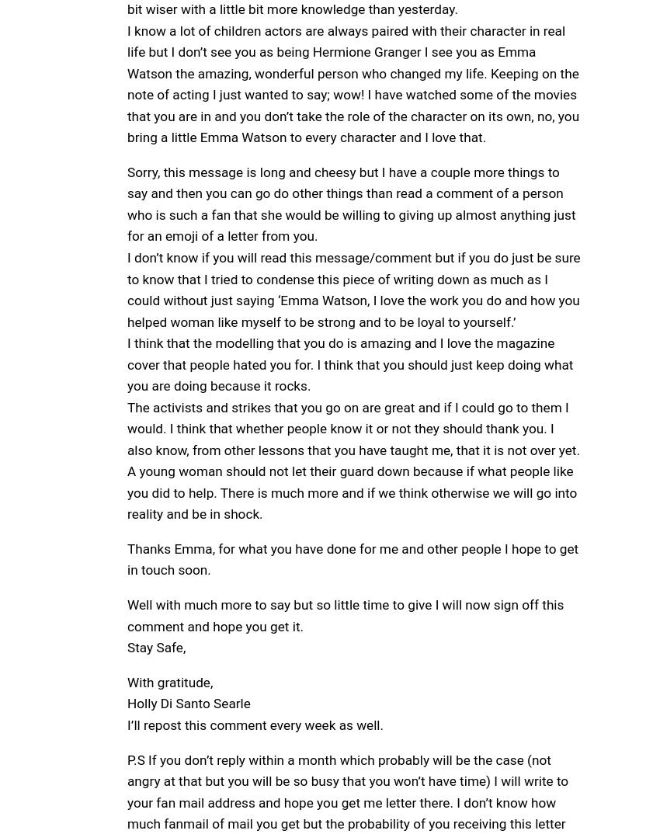  Describe the element at coordinates (189, 703) in the screenshot. I see `'Holly Di Santo Searle'` at that location.